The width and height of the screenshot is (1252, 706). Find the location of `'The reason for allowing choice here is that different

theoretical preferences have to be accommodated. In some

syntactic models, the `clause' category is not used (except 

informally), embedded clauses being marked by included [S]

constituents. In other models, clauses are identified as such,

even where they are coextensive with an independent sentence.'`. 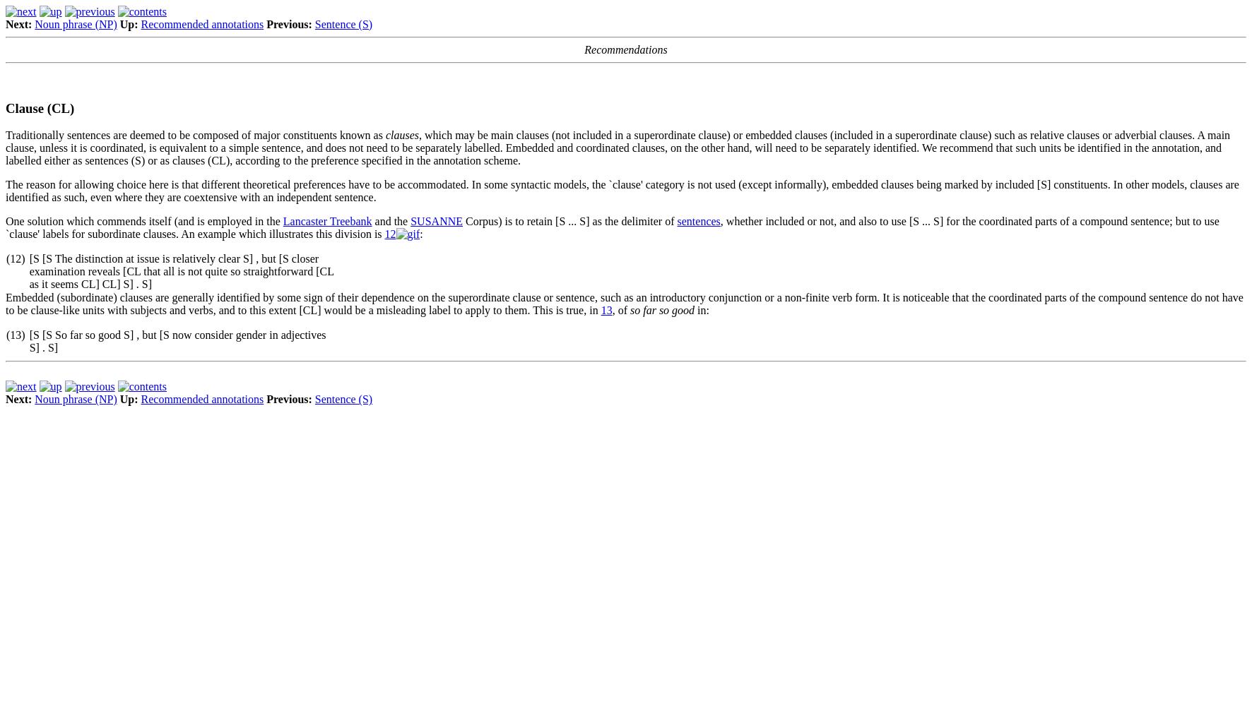

'The reason for allowing choice here is that different

theoretical preferences have to be accommodated. In some

syntactic models, the `clause' category is not used (except 

informally), embedded clauses being marked by included [S]

constituents. In other models, clauses are identified as such,

even where they are coextensive with an independent sentence.' is located at coordinates (622, 191).